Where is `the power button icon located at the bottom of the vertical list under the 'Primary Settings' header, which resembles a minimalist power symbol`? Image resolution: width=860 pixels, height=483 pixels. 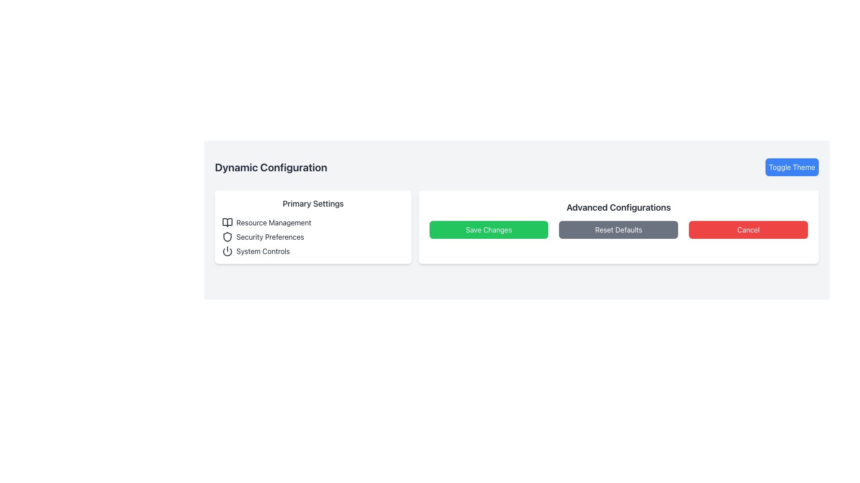
the power button icon located at the bottom of the vertical list under the 'Primary Settings' header, which resembles a minimalist power symbol is located at coordinates (228, 251).